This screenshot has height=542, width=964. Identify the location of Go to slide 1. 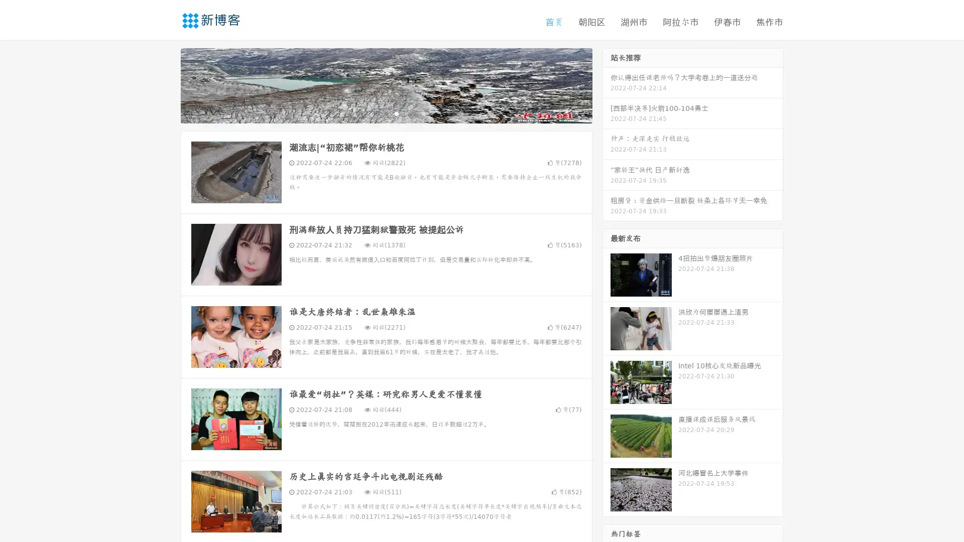
(376, 113).